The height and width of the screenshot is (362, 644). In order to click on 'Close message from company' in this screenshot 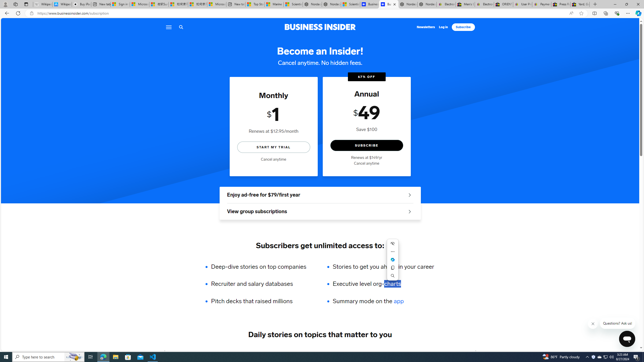, I will do `click(593, 324)`.